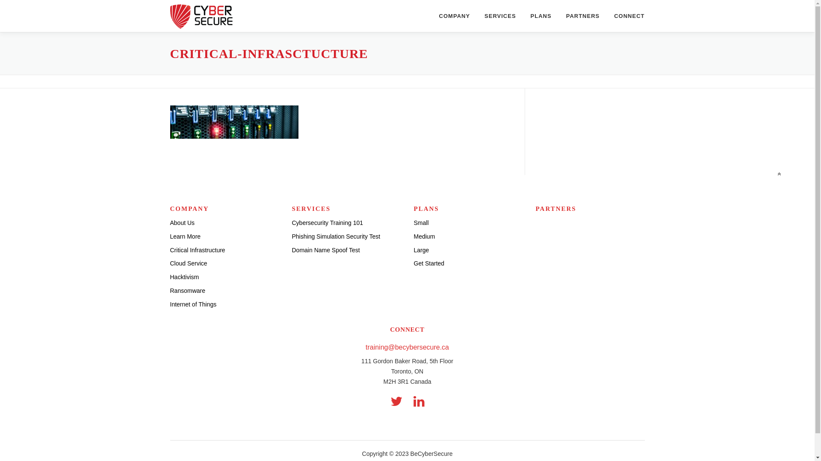  What do you see at coordinates (774, 171) in the screenshot?
I see `'Back To Top'` at bounding box center [774, 171].